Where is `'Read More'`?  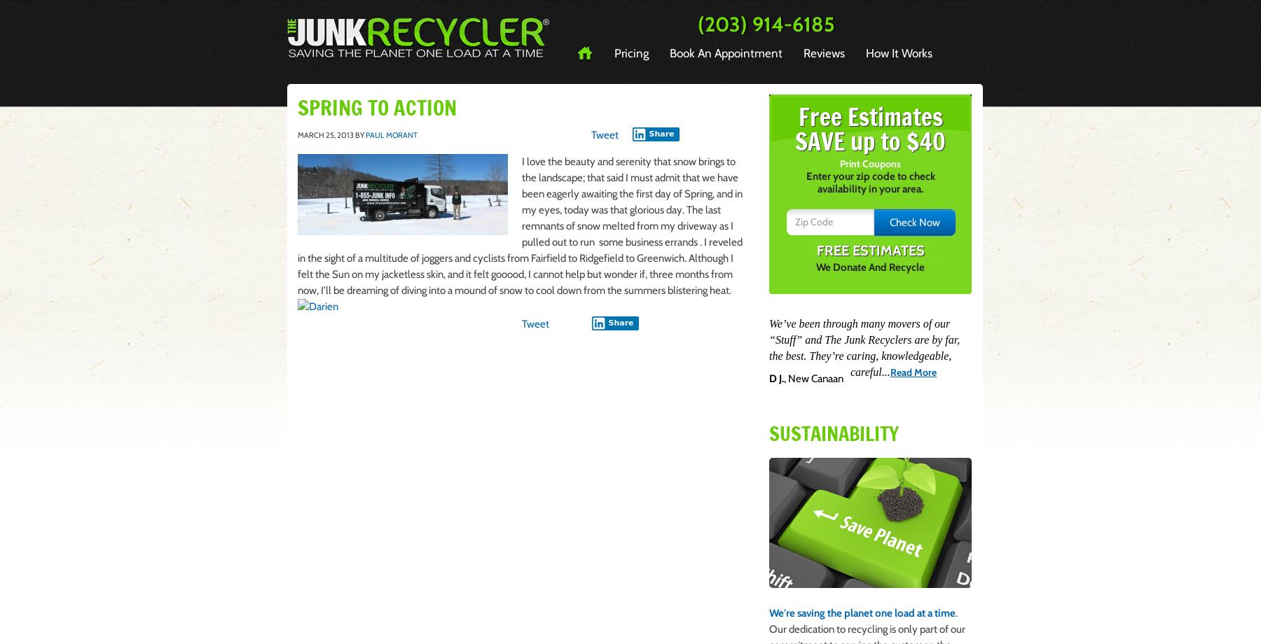
'Read More' is located at coordinates (913, 372).